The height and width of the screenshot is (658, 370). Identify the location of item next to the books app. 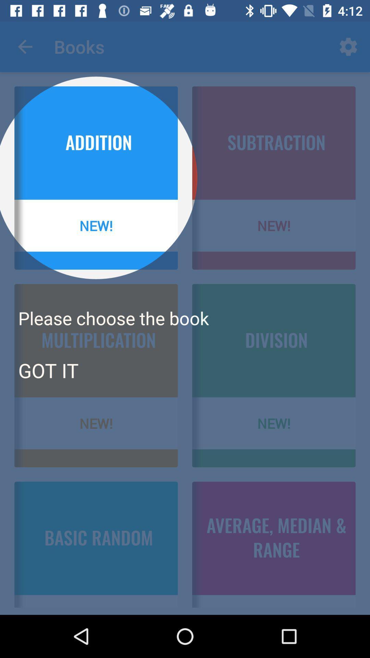
(25, 46).